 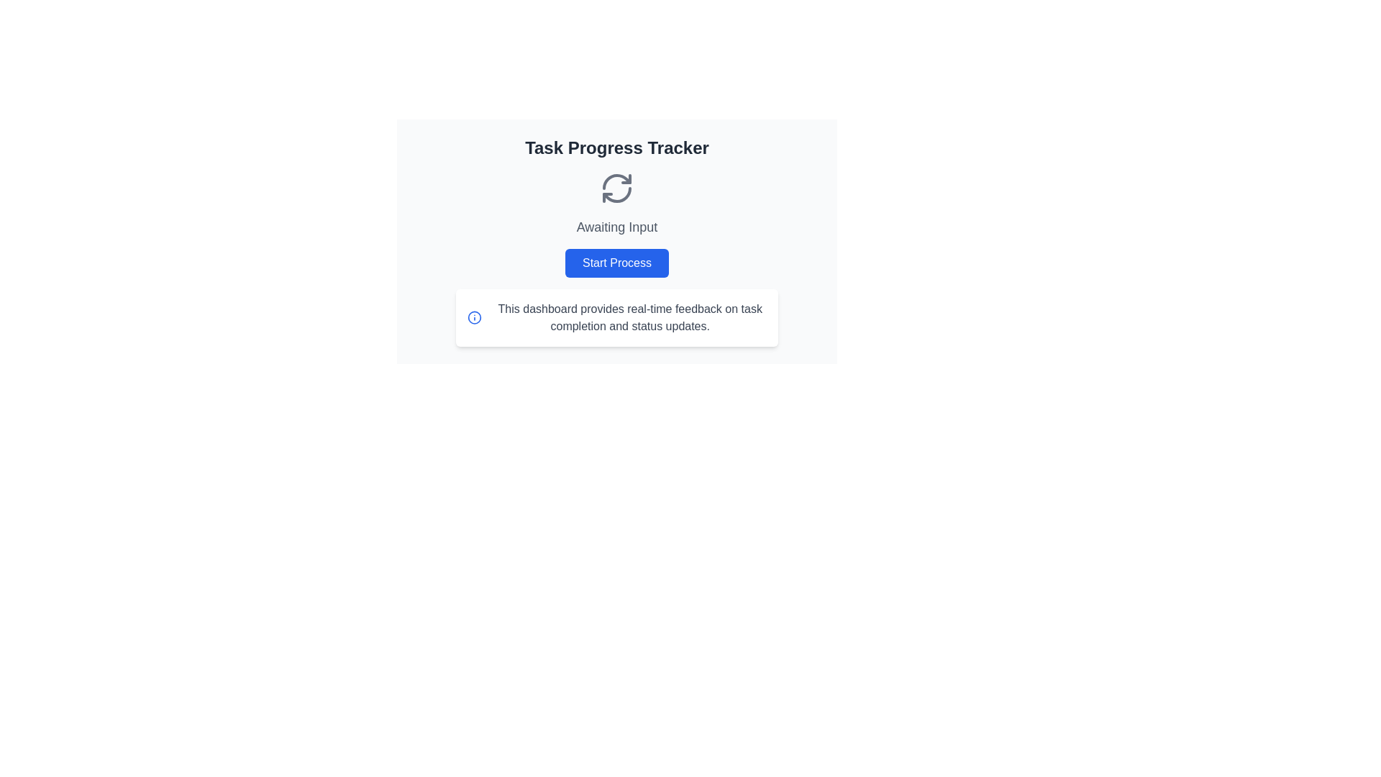 I want to click on the text label that states 'This dashboard provides real-time feedback on task completion and status updates.' positioned to the right of an informational icon, so click(x=630, y=317).